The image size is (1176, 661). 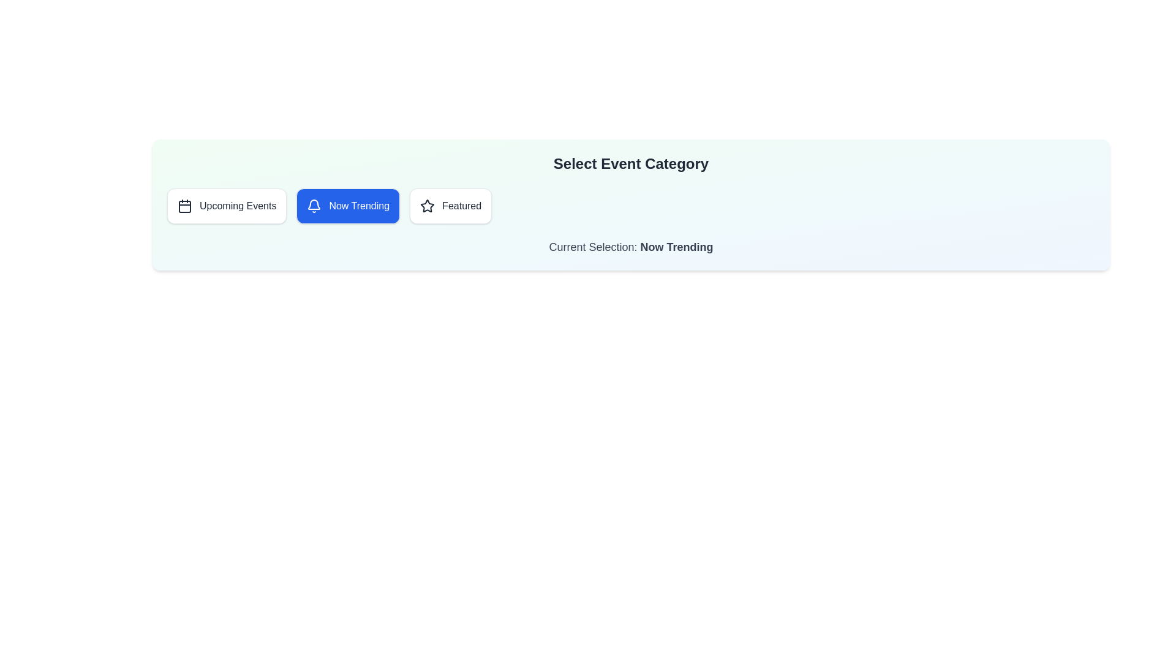 What do you see at coordinates (227, 205) in the screenshot?
I see `the leftmost button of the horizontal button group that functions as a filter for 'Upcoming Events'` at bounding box center [227, 205].